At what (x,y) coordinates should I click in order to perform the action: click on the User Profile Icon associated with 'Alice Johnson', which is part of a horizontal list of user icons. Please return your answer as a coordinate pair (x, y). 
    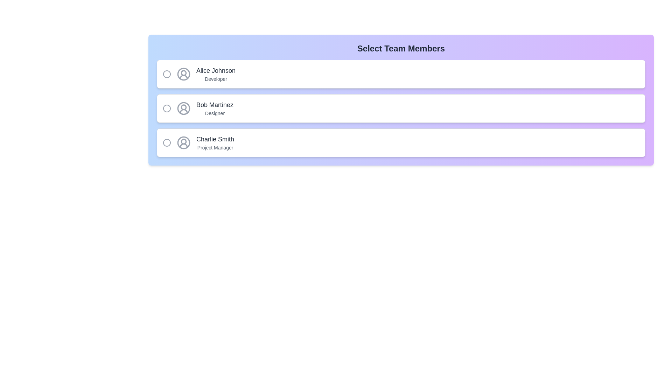
    Looking at the image, I should click on (183, 74).